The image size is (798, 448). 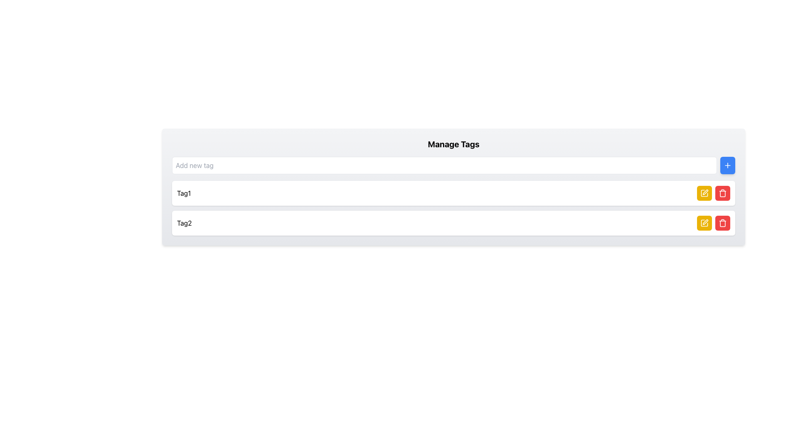 What do you see at coordinates (705, 222) in the screenshot?
I see `the edit icon resembling a pencil and square, located to the left of the trash-can icon, to initiate editing` at bounding box center [705, 222].